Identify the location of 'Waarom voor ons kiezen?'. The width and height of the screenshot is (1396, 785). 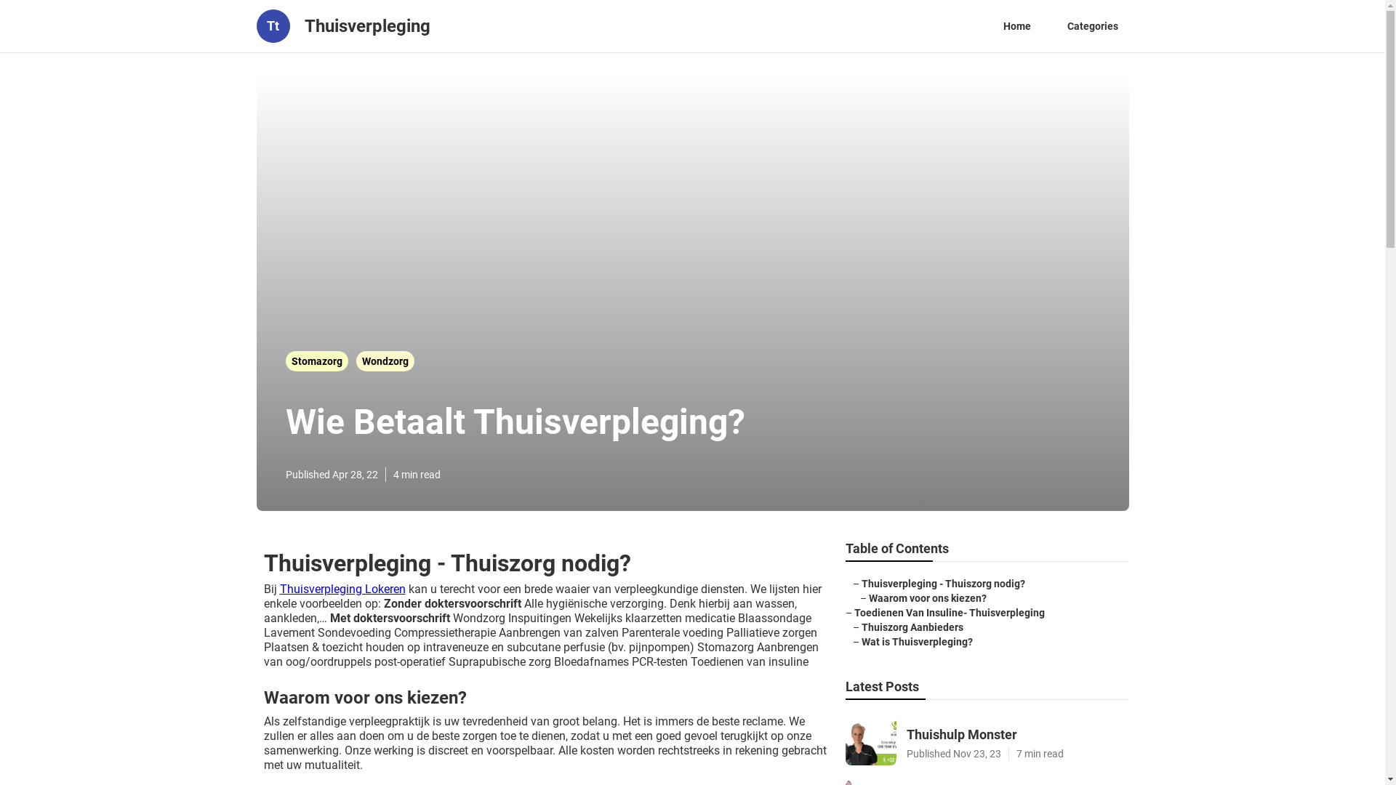
(868, 597).